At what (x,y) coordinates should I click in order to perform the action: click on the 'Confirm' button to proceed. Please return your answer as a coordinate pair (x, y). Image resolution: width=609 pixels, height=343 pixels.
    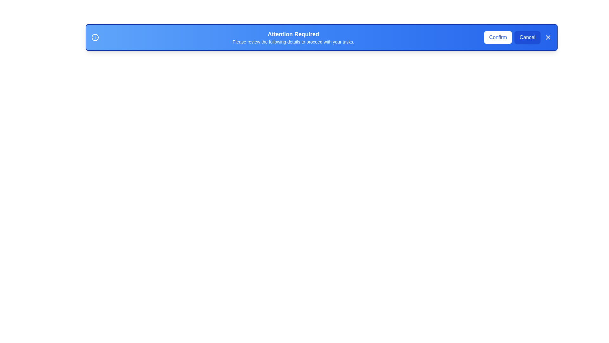
    Looking at the image, I should click on (497, 37).